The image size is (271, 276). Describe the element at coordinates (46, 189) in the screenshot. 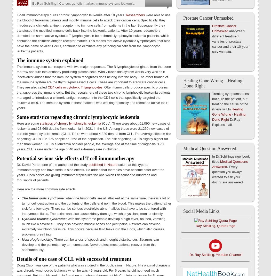

I see `'Here are the more common side effects.'` at that location.